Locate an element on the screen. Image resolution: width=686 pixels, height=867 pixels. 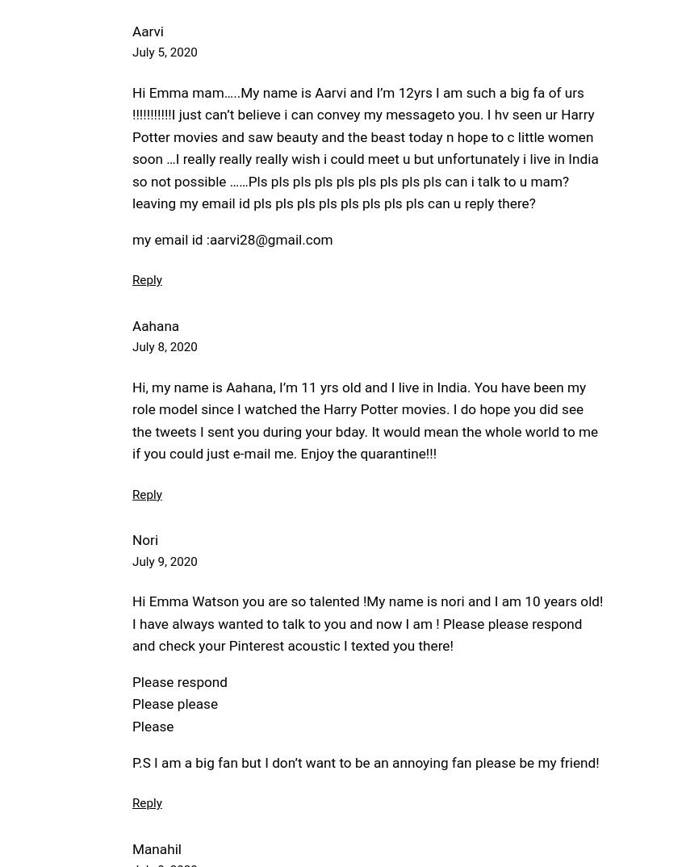
'Hi Emma Watson you are so talented !My name is nori and I am 10 years old! I have always wanted to talk to you and now I am ! Please please respond and check your Pinterest acoustic I texted you there!' is located at coordinates (132, 622).